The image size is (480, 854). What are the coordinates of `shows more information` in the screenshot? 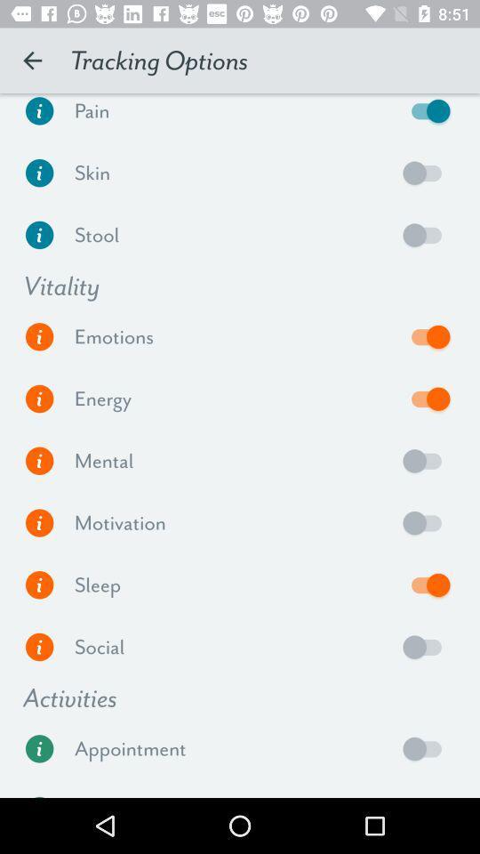 It's located at (39, 460).